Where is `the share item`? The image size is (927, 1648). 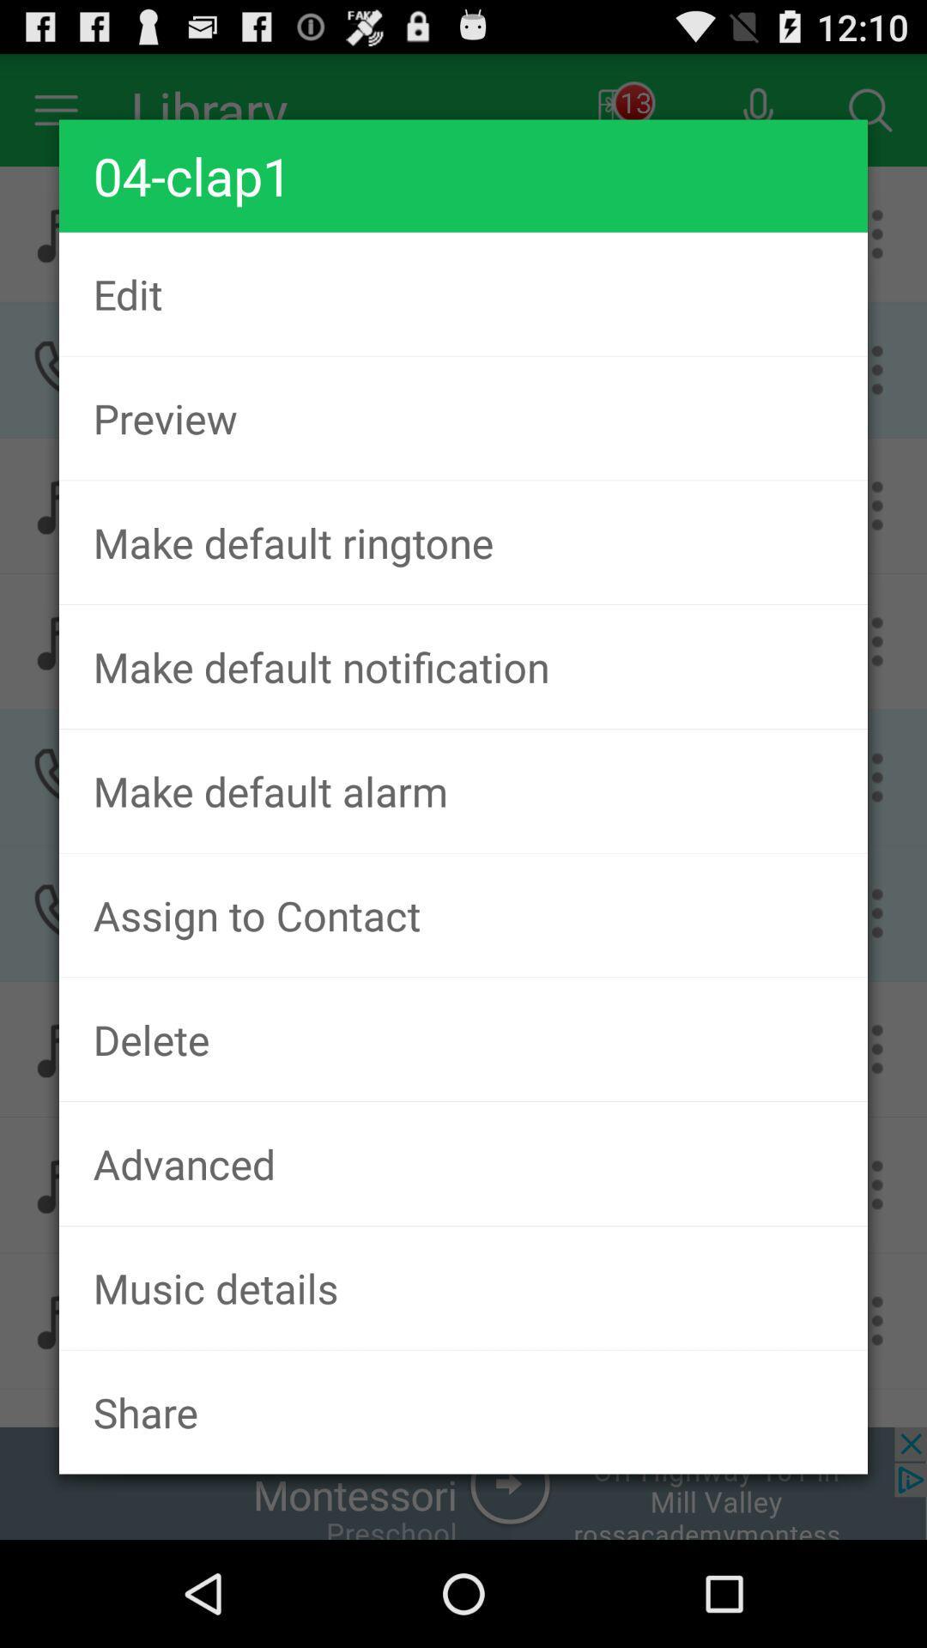
the share item is located at coordinates (463, 1412).